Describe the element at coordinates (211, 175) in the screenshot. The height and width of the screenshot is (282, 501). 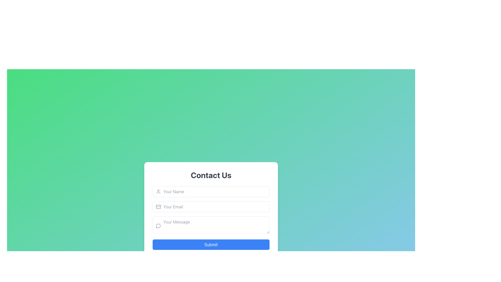
I see `the title text indicating the contact section, which is positioned at the top of the form section and centered horizontally` at that location.